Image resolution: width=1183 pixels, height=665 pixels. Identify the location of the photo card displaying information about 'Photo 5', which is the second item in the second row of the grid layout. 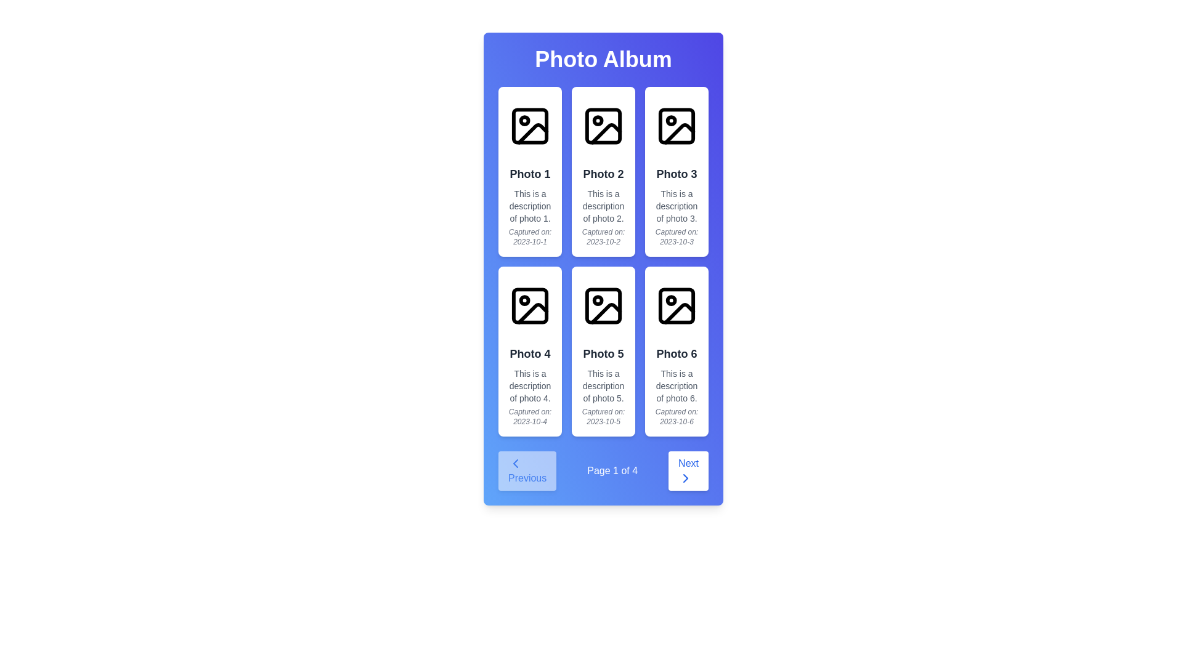
(603, 351).